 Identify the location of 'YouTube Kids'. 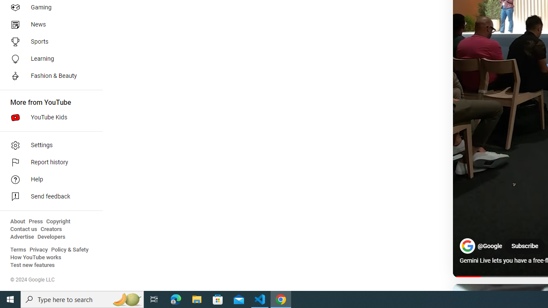
(48, 118).